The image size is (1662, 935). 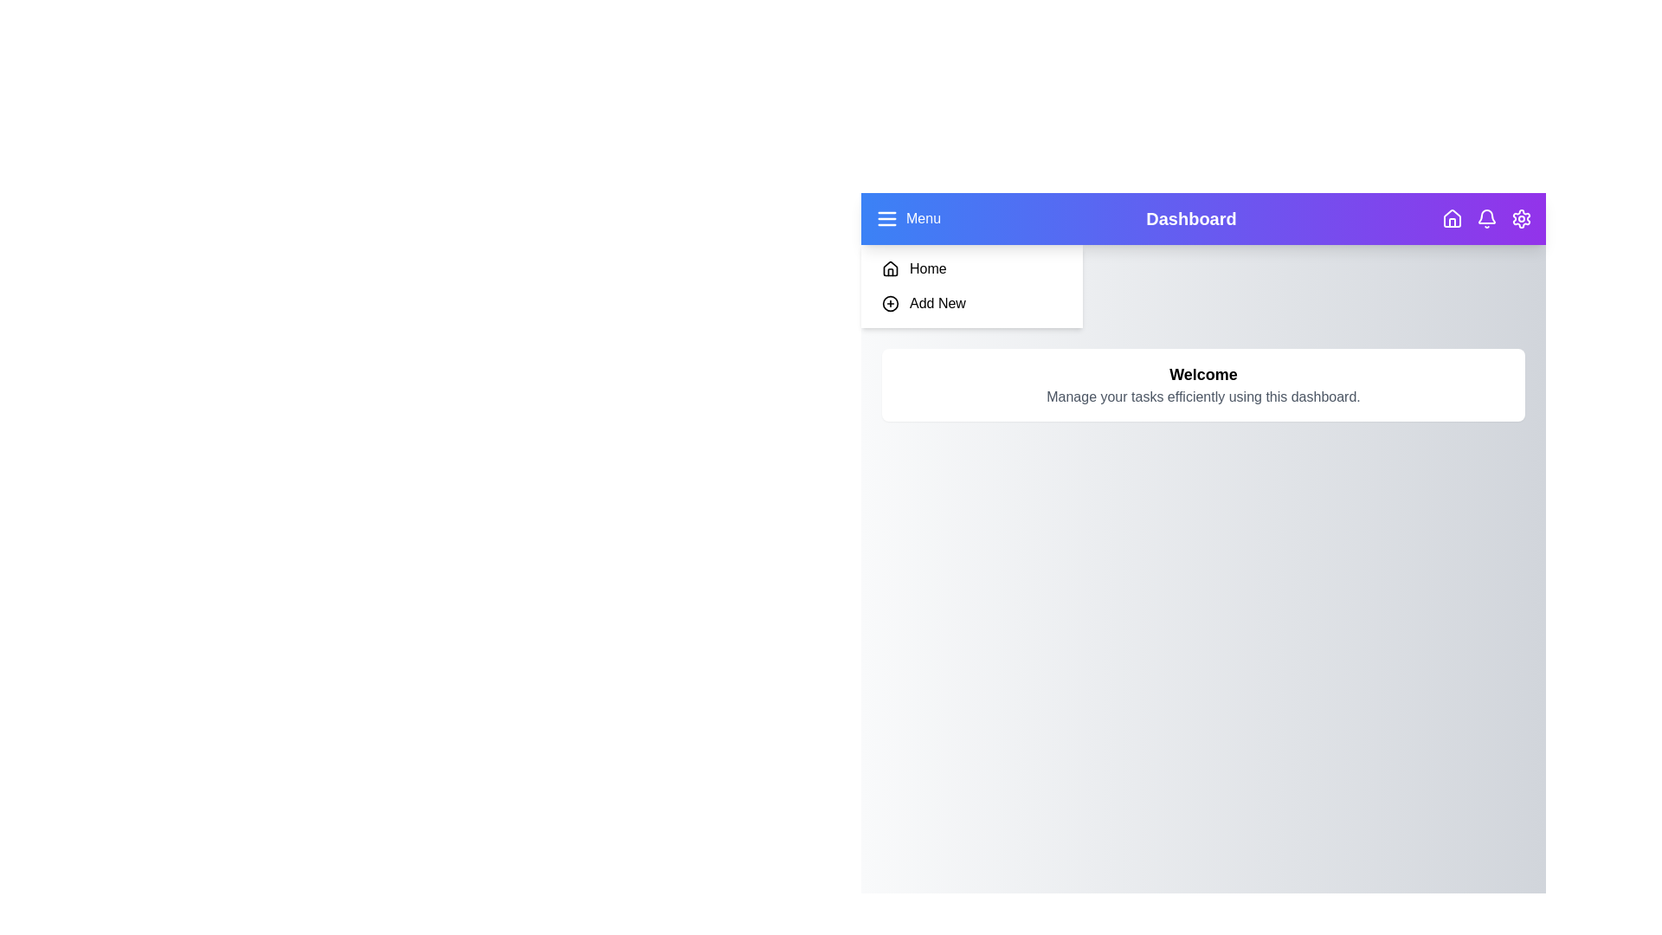 What do you see at coordinates (890, 269) in the screenshot?
I see `the 'Home' icon in the sidebar to navigate to the 'Home' section` at bounding box center [890, 269].